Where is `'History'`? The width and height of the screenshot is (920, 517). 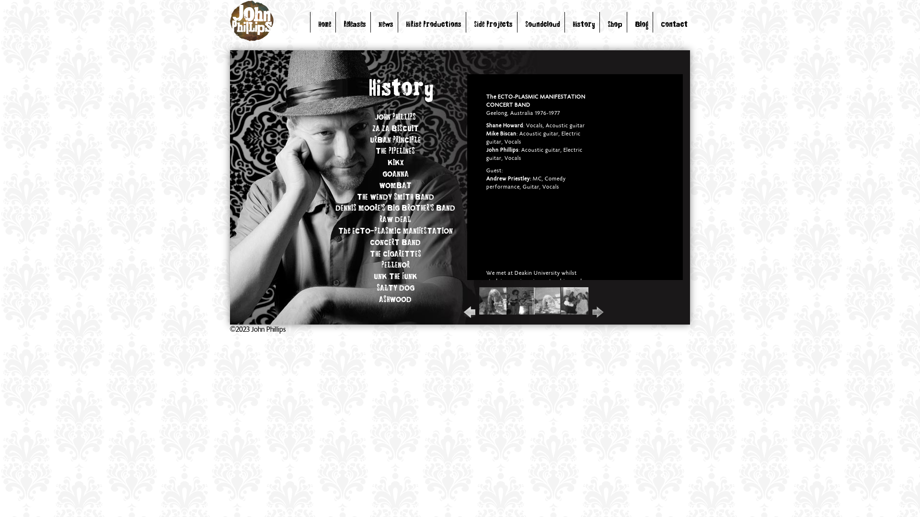
'History' is located at coordinates (573, 24).